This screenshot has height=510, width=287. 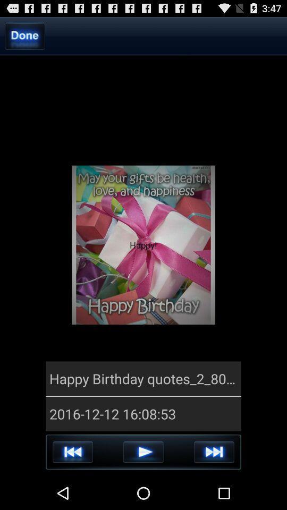 What do you see at coordinates (72, 483) in the screenshot?
I see `the av_rewind icon` at bounding box center [72, 483].